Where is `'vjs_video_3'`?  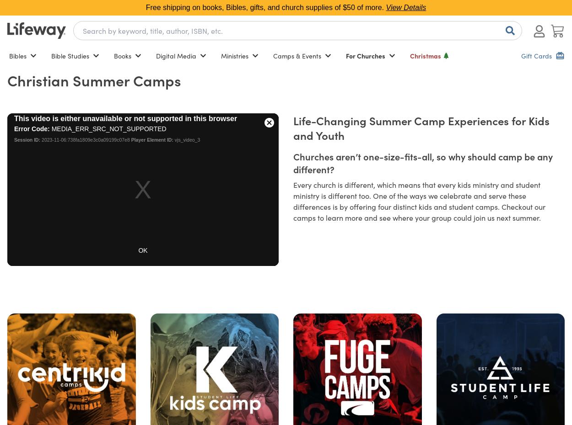 'vjs_video_3' is located at coordinates (173, 139).